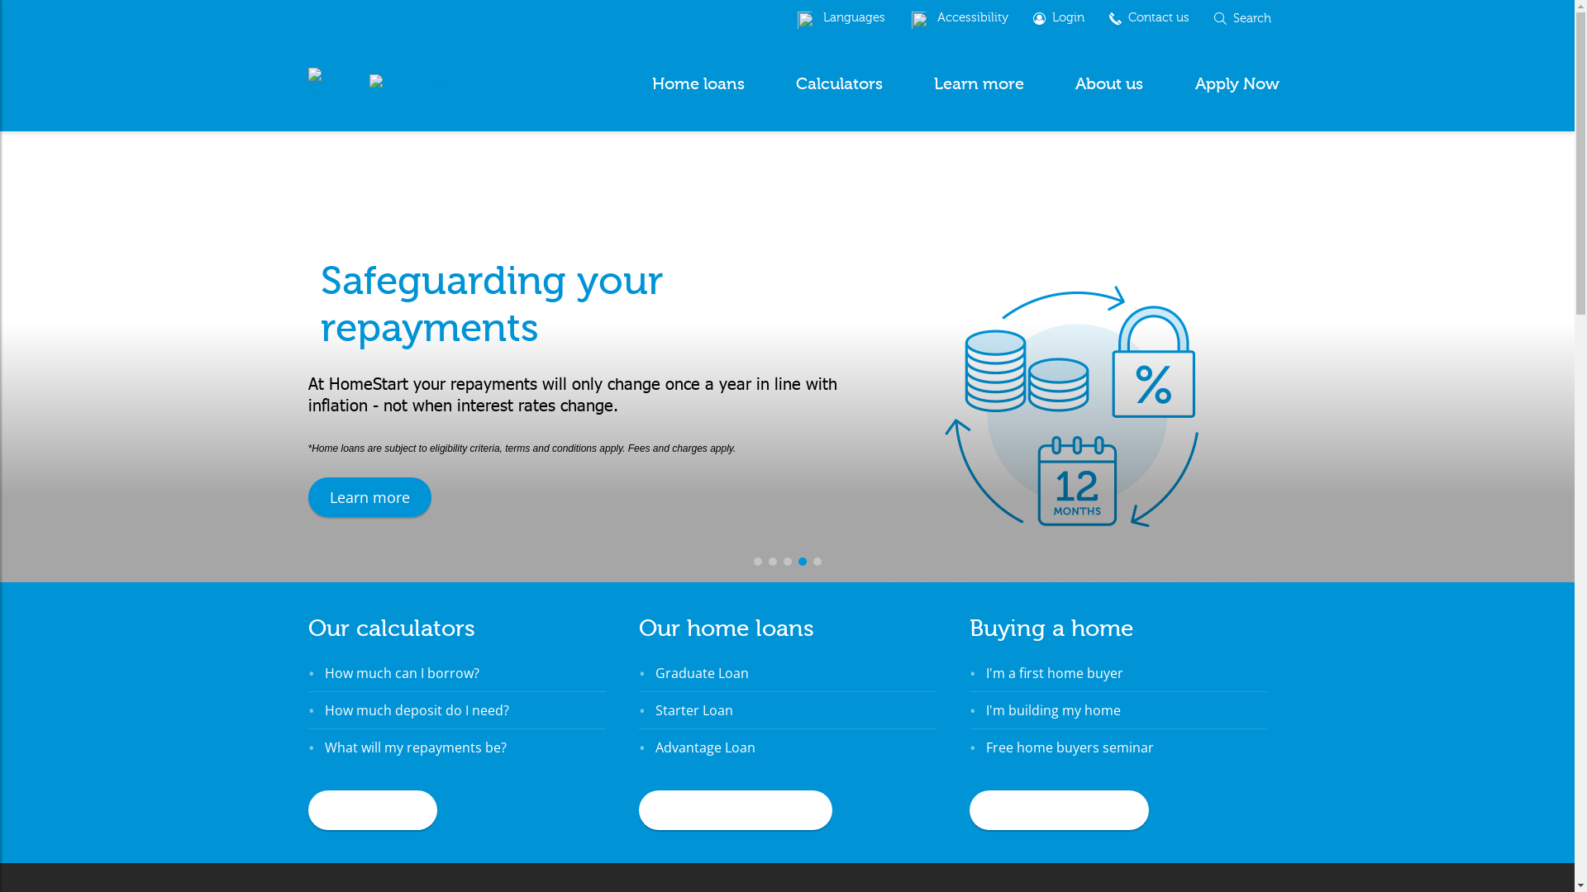 The image size is (1587, 892). I want to click on 'Advantage Loan', so click(704, 747).